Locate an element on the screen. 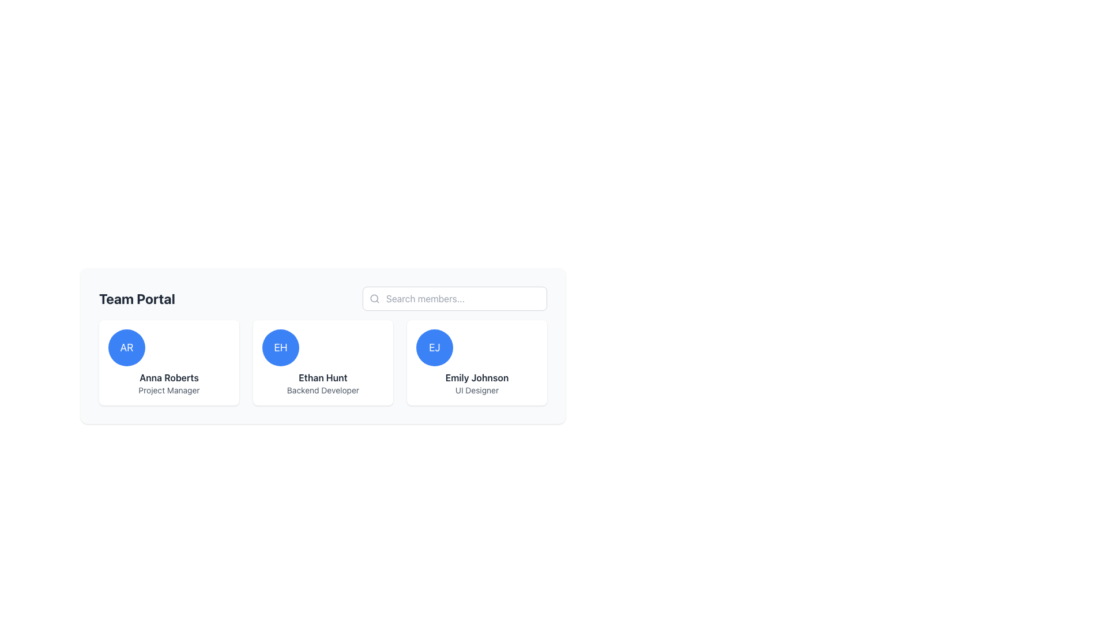 The height and width of the screenshot is (623, 1107). the initials of the first Profile card representing a team member in the top-left corner of the layout to highlight it is located at coordinates (168, 362).